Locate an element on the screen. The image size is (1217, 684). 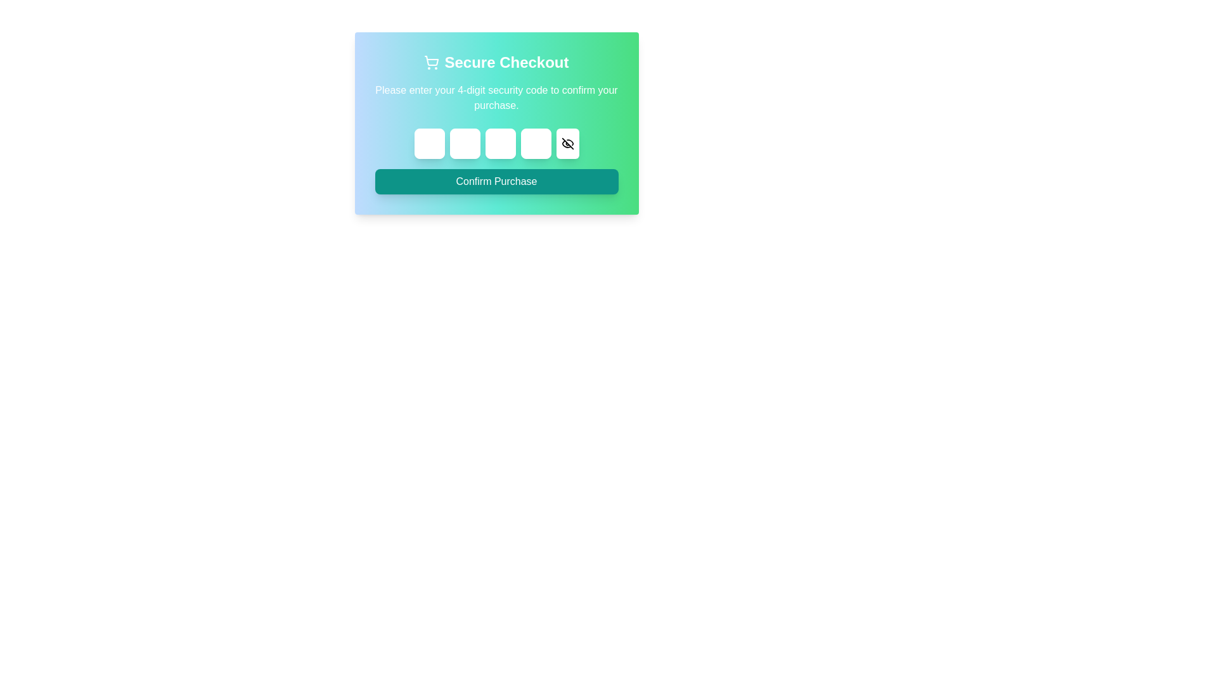
the eye-off icon in the security code entry section of the checkout form, which is styled in black and located at the center-right edge adjacent to the last code box is located at coordinates (565, 143).